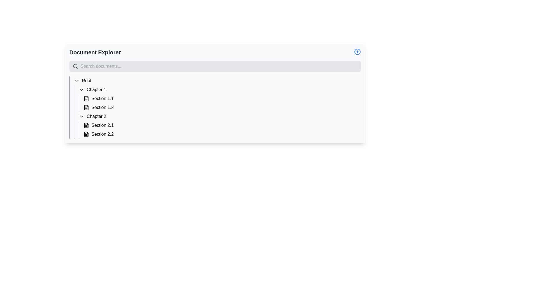  Describe the element at coordinates (81, 89) in the screenshot. I see `the toggle icon to the left of 'Chapter 1'` at that location.